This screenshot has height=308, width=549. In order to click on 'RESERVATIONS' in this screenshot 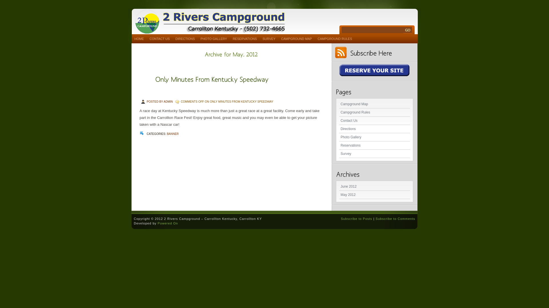, I will do `click(230, 38)`.